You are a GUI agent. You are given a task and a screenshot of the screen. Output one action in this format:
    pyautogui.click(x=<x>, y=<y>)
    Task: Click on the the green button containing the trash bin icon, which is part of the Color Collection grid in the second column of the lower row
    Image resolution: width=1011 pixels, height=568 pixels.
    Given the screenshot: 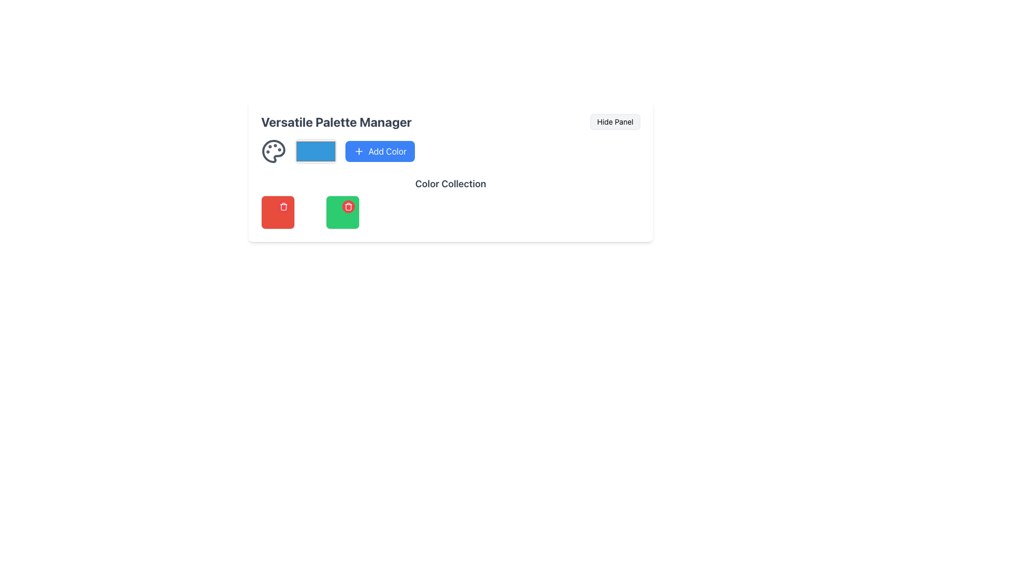 What is the action you would take?
    pyautogui.click(x=283, y=207)
    